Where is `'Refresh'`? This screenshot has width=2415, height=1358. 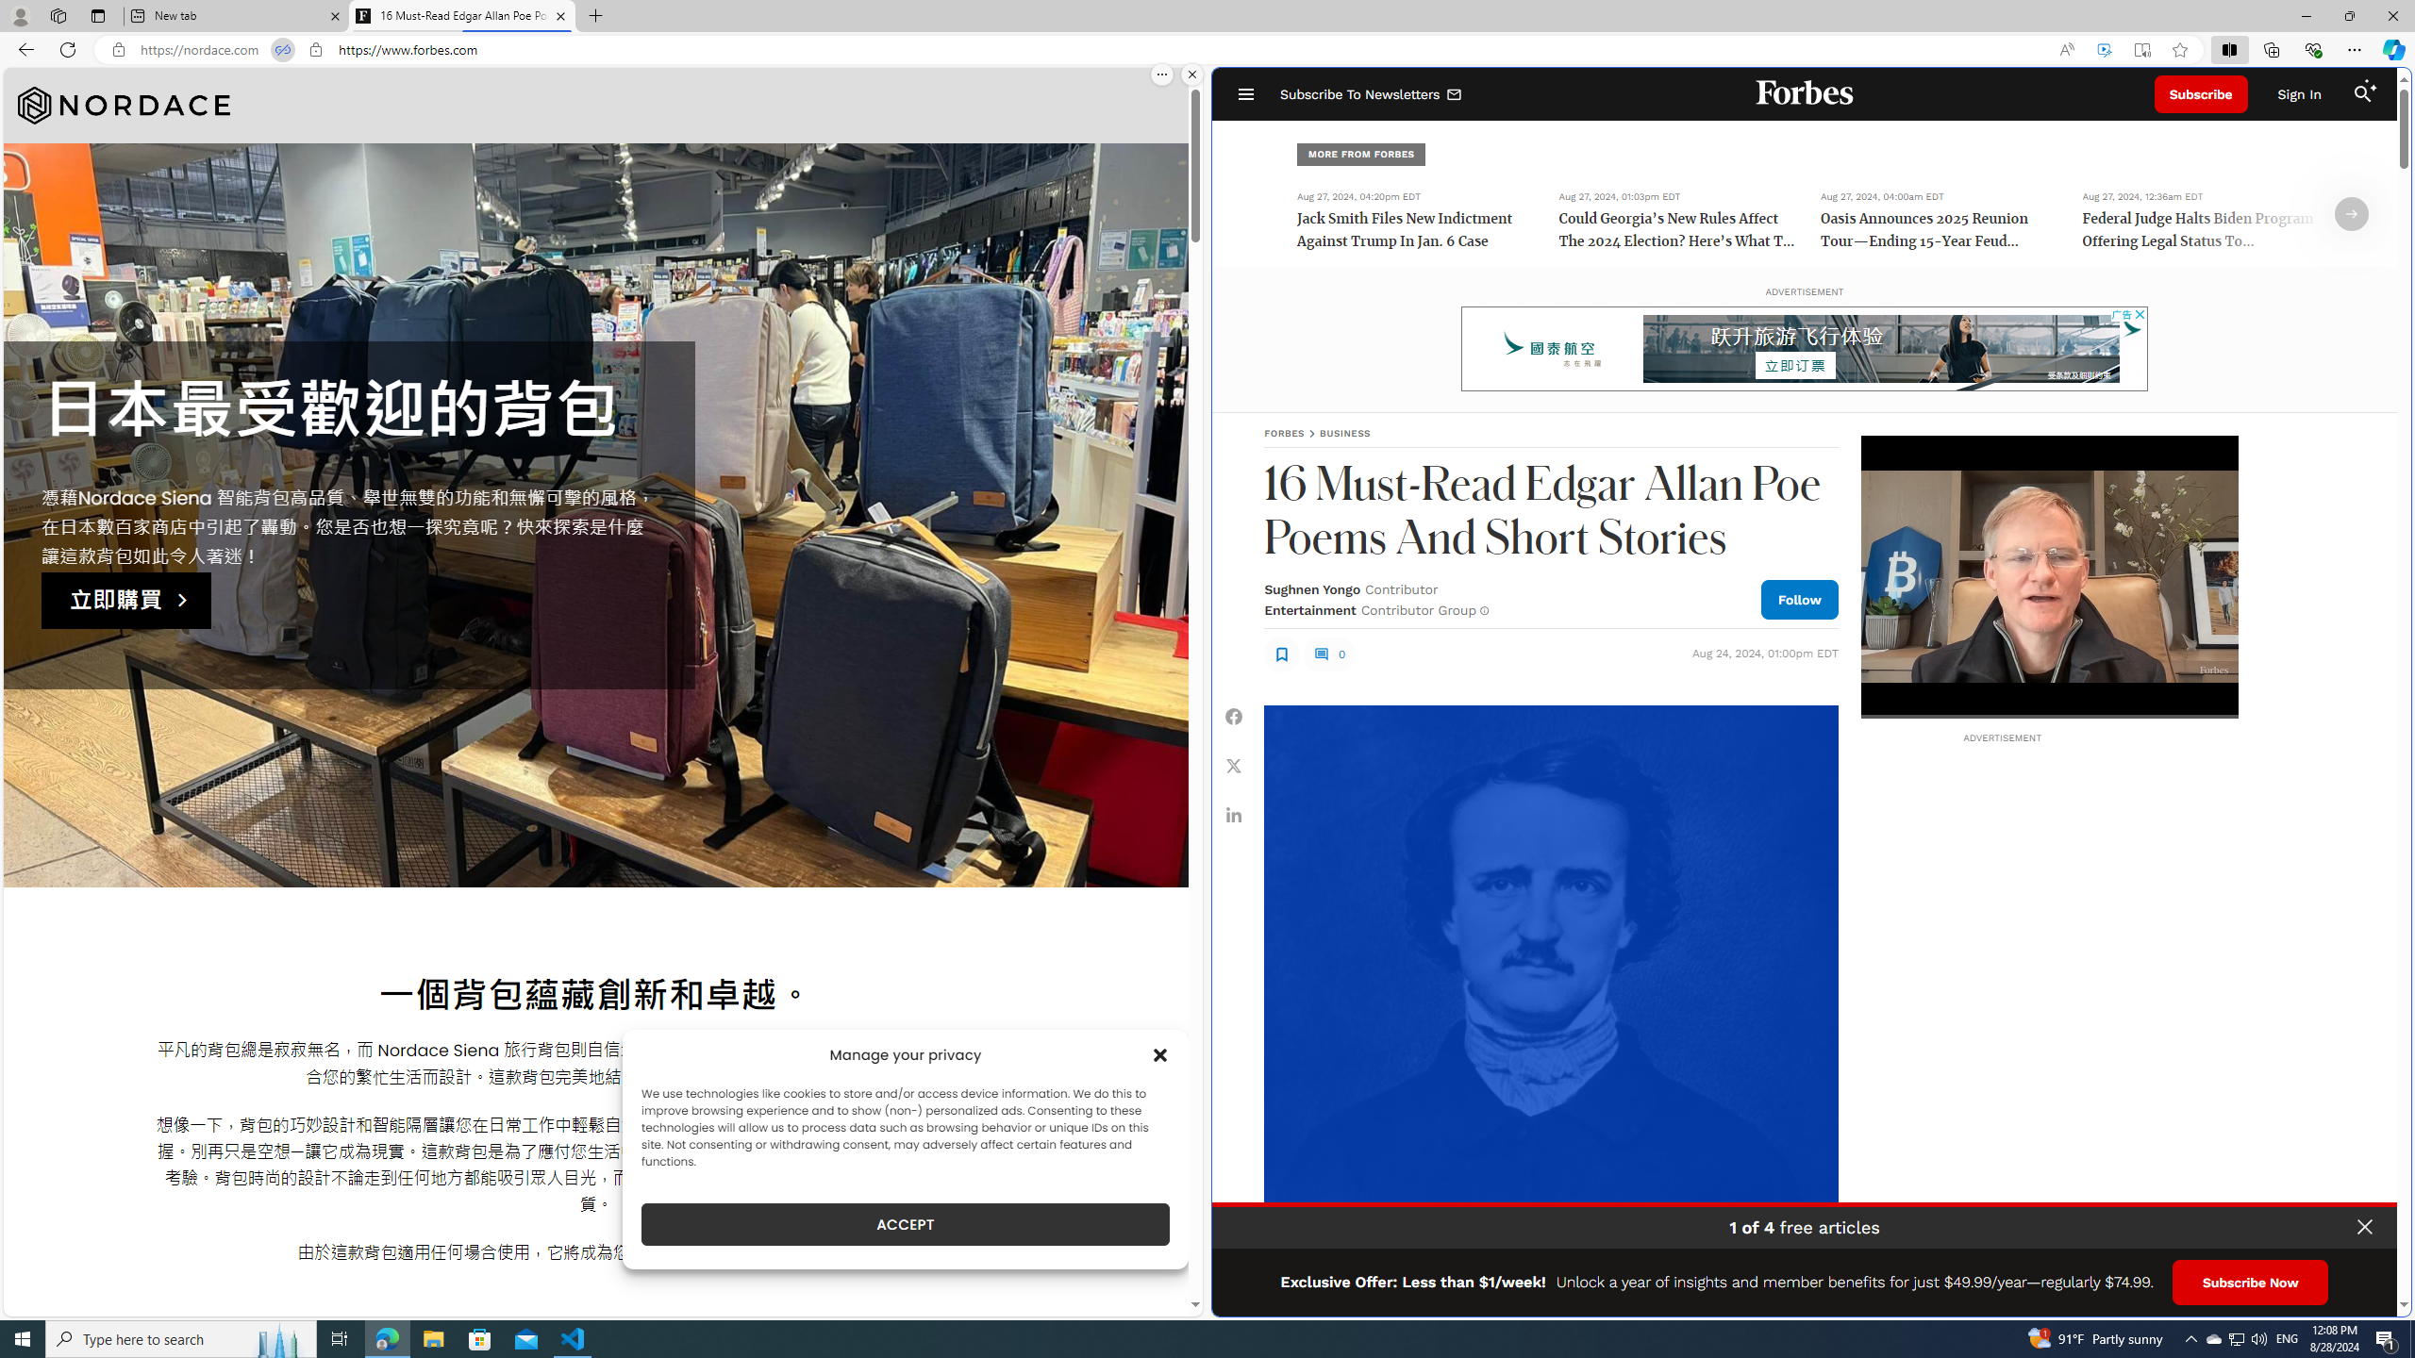 'Refresh' is located at coordinates (66, 48).